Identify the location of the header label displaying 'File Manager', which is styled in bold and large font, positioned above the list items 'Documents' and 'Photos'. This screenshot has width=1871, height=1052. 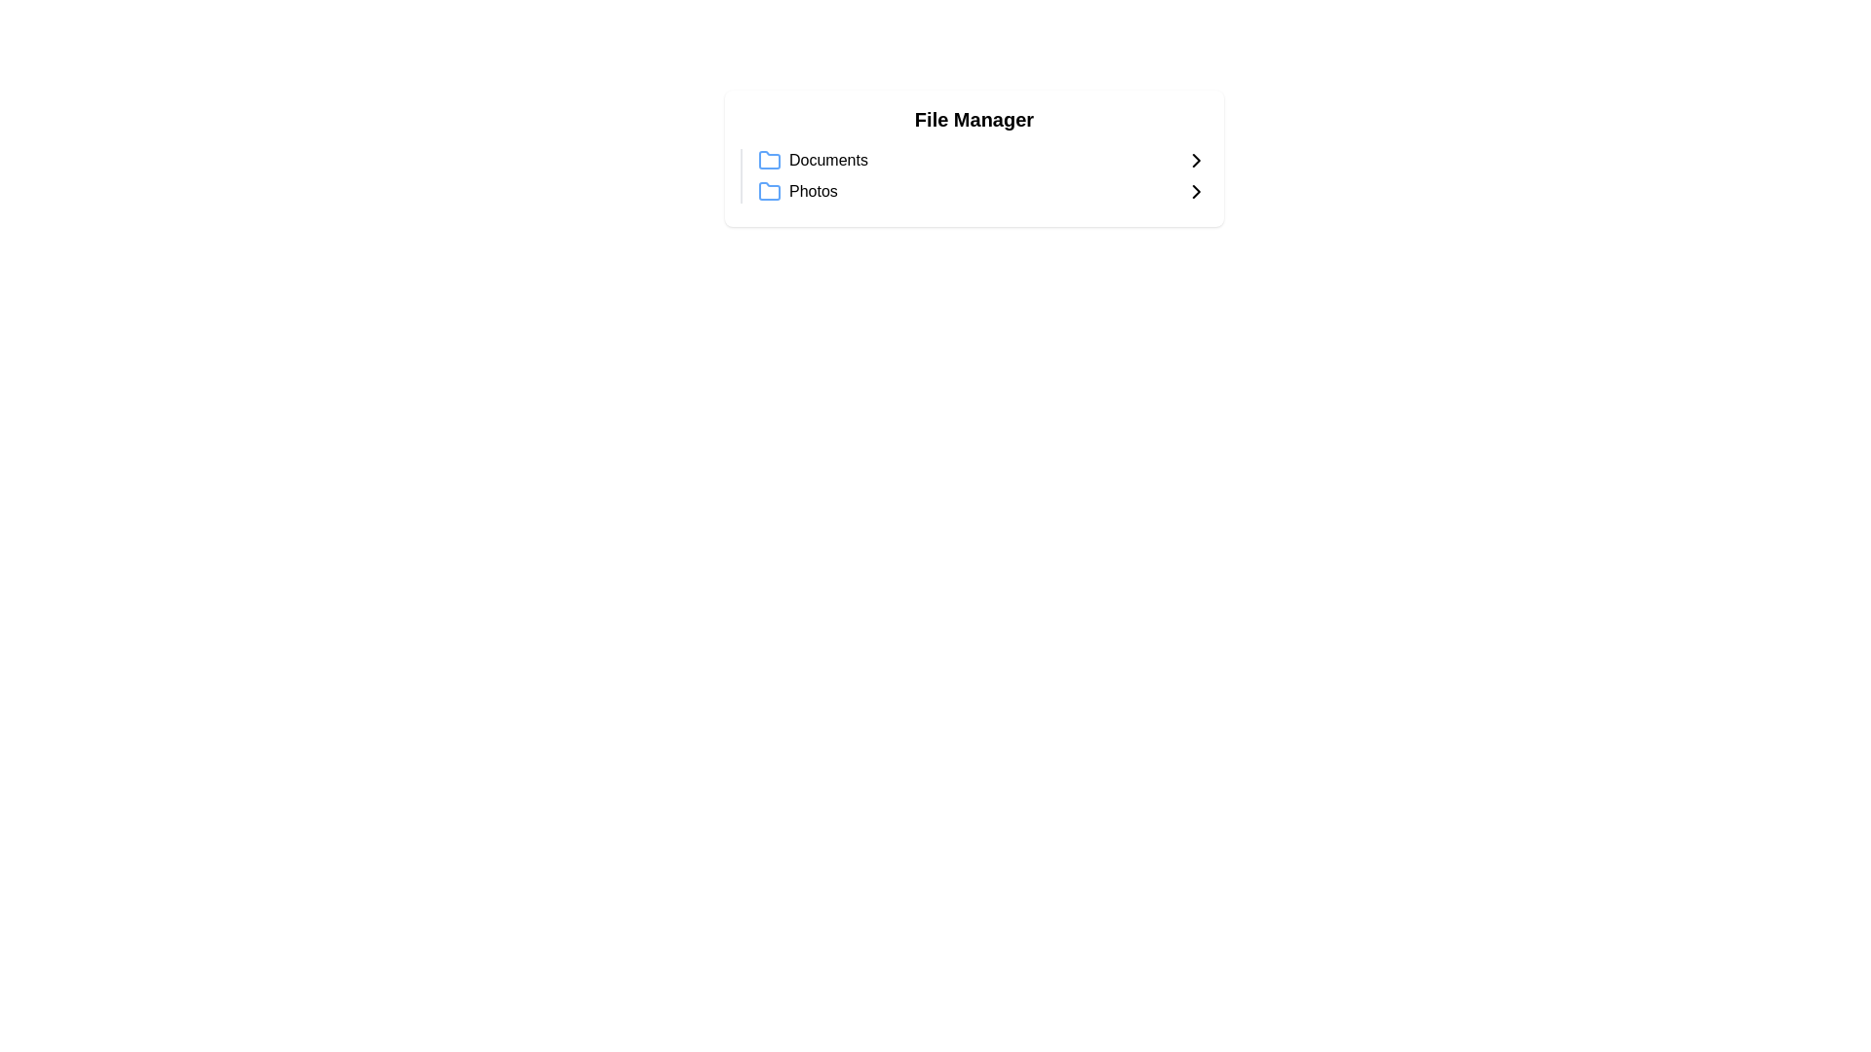
(974, 120).